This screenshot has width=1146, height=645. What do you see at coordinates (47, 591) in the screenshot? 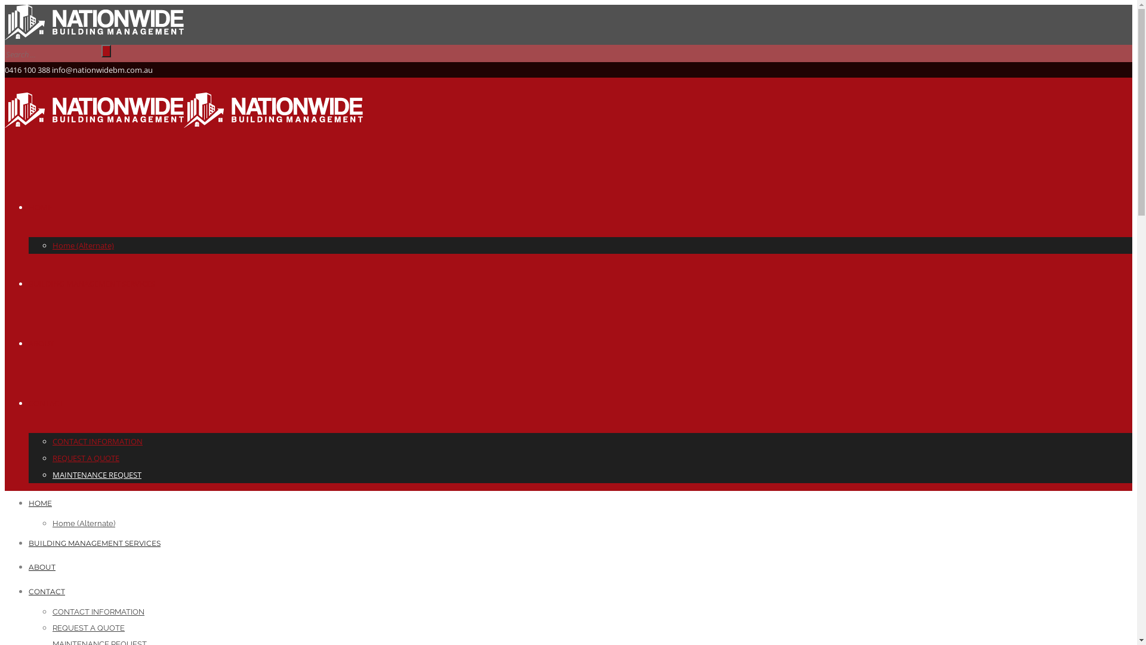
I see `'CONTACT'` at bounding box center [47, 591].